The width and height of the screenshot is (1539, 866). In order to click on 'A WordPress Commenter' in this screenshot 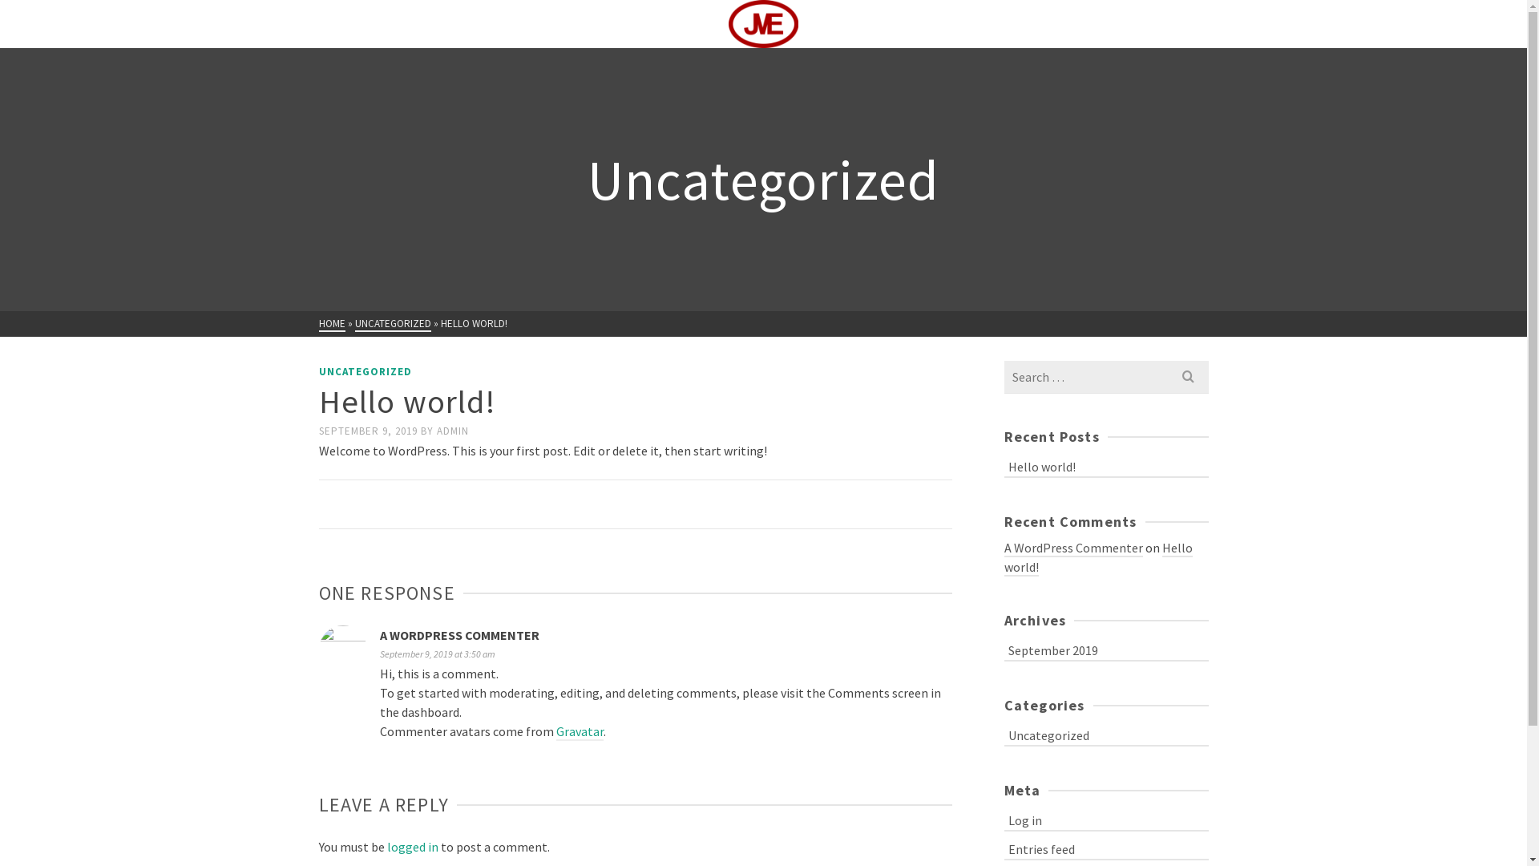, I will do `click(1072, 547)`.